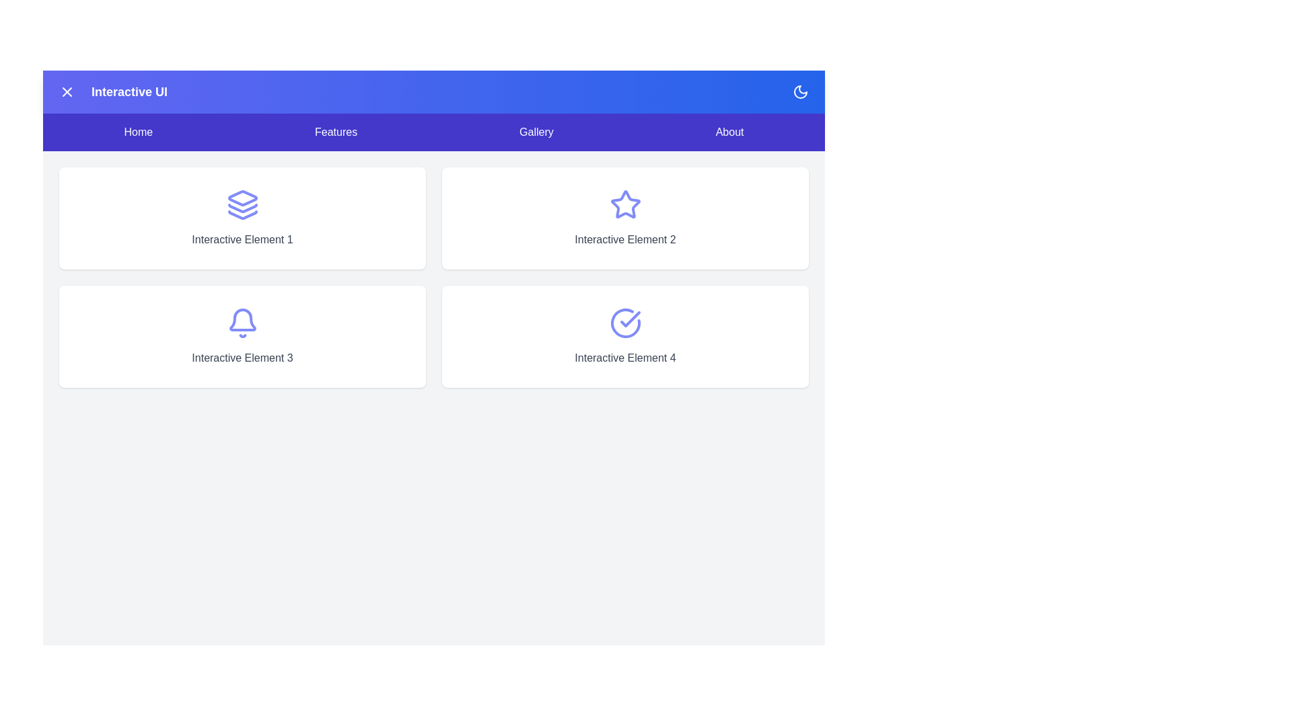 The height and width of the screenshot is (726, 1292). Describe the element at coordinates (535, 132) in the screenshot. I see `the Gallery navigation menu item` at that location.